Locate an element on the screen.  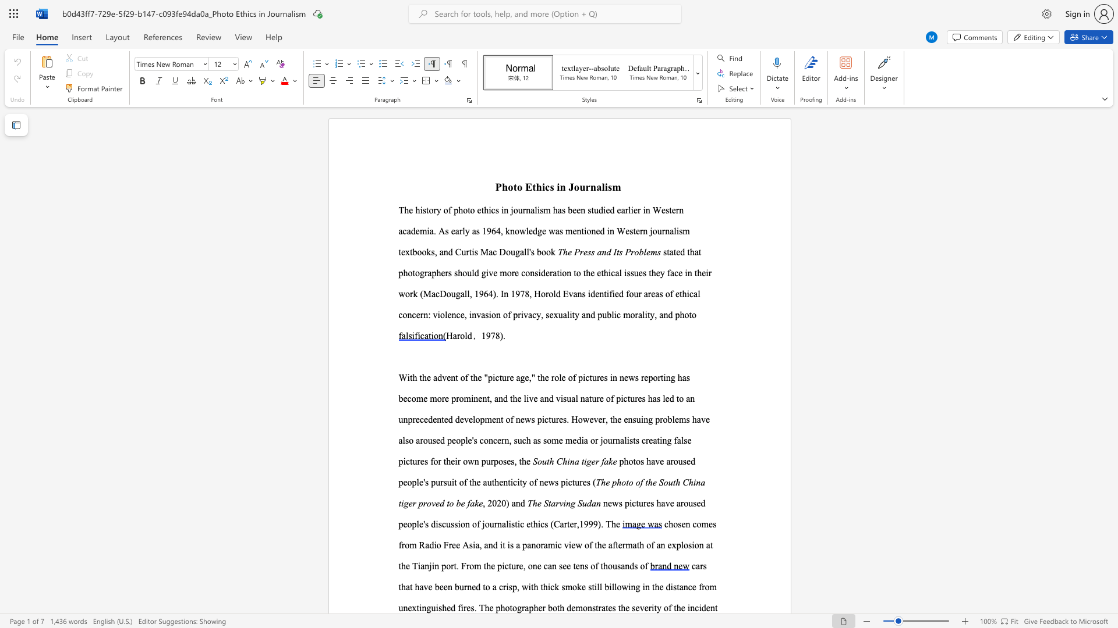
the 1th character "r" in the text is located at coordinates (600, 607).